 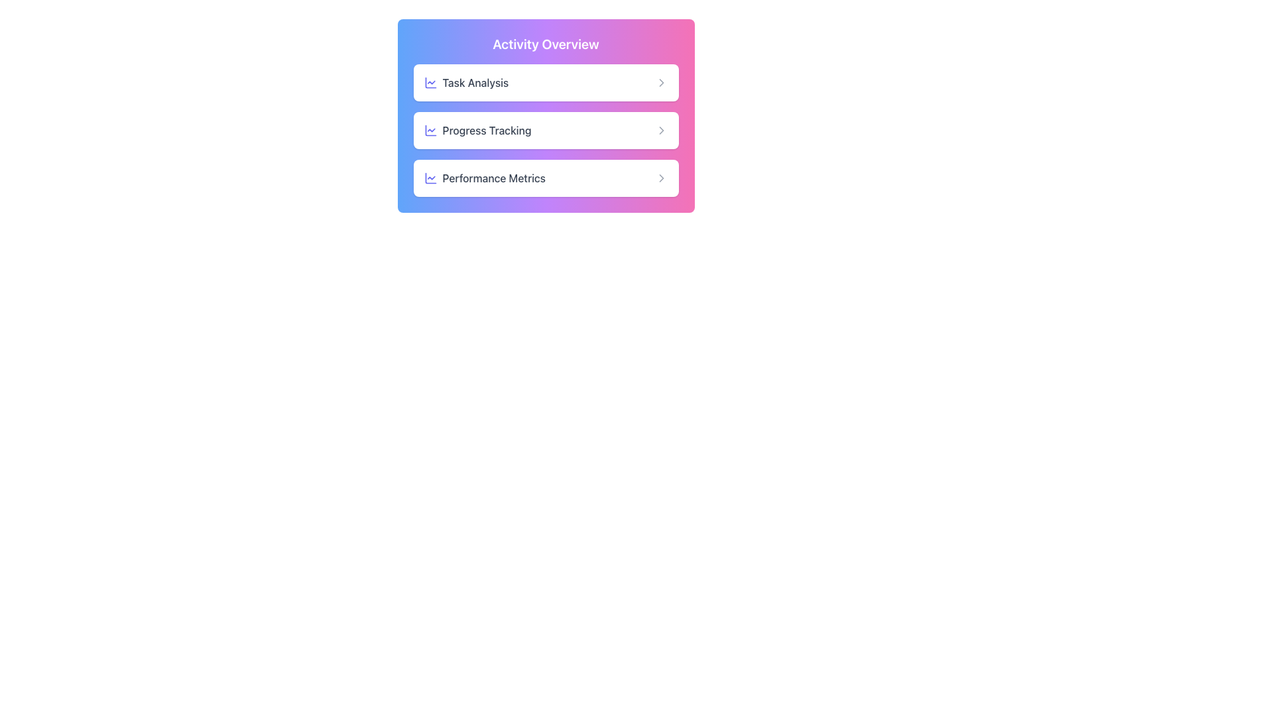 What do you see at coordinates (546, 130) in the screenshot?
I see `the middle card in the 'Activity Overview' section` at bounding box center [546, 130].